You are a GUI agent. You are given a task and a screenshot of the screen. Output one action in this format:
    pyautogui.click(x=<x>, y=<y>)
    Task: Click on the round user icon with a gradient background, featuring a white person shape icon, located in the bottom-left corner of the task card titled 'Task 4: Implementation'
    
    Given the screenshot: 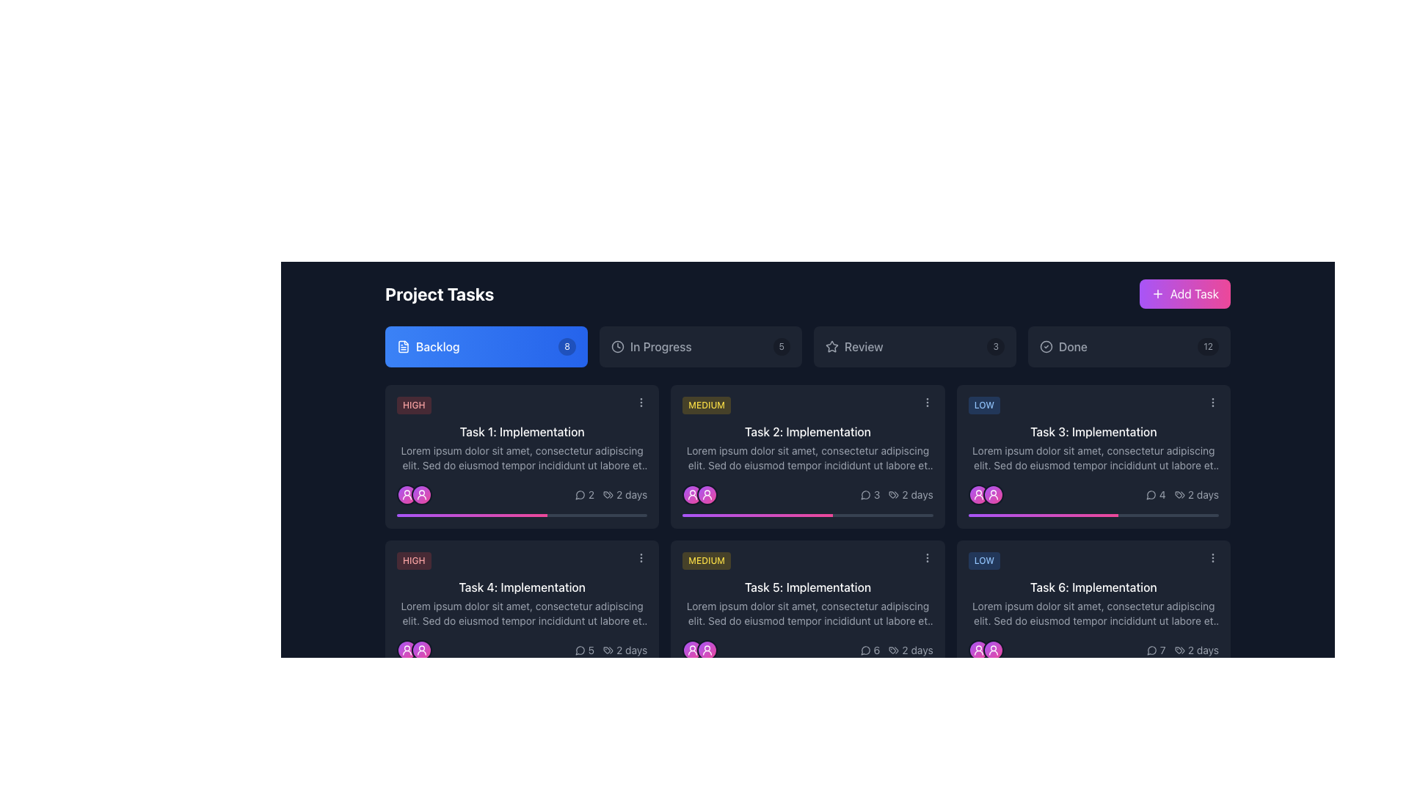 What is the action you would take?
    pyautogui.click(x=421, y=650)
    